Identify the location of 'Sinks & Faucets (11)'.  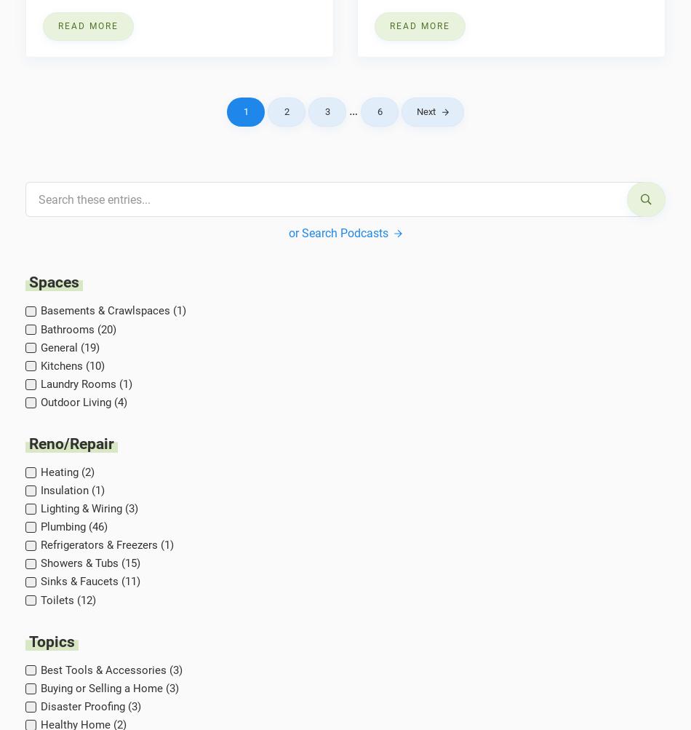
(89, 581).